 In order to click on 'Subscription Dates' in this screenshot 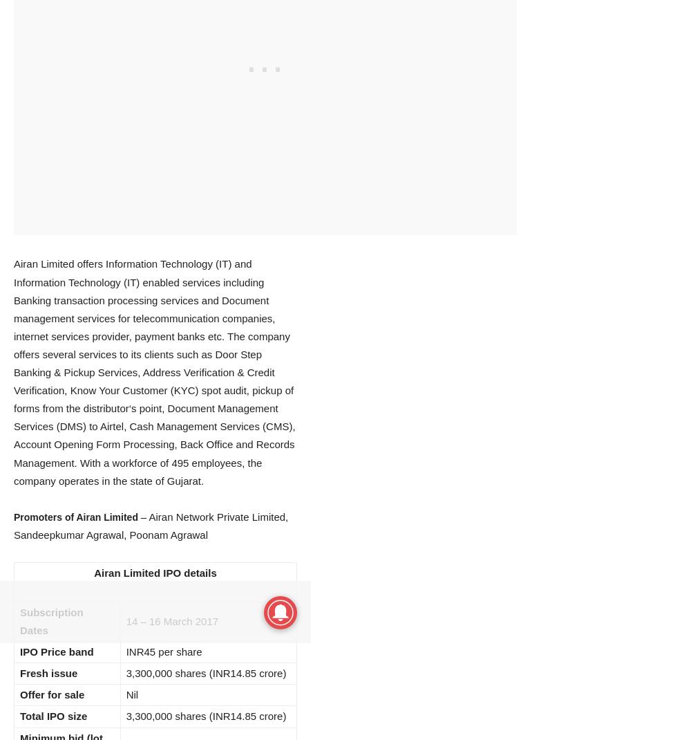, I will do `click(51, 620)`.